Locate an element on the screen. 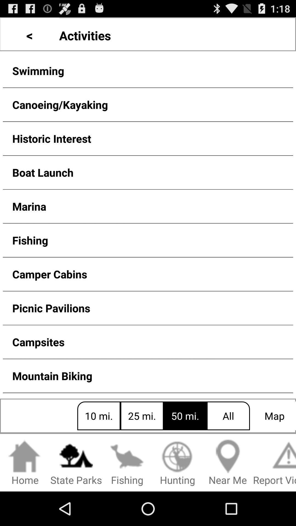 The image size is (296, 526). the hunting item is located at coordinates (177, 463).